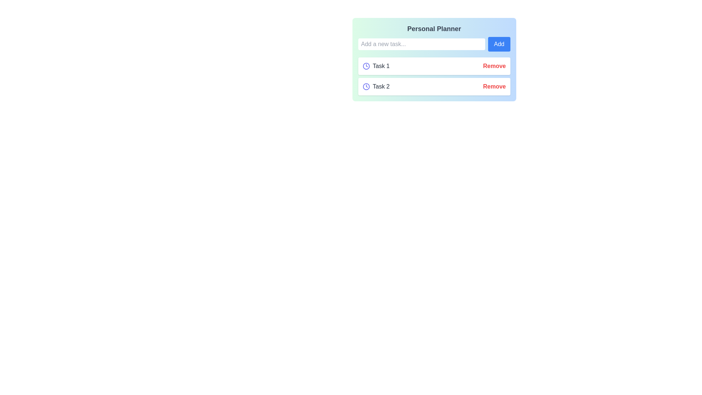 This screenshot has width=702, height=395. I want to click on 'Remove' button for task 1, so click(494, 66).